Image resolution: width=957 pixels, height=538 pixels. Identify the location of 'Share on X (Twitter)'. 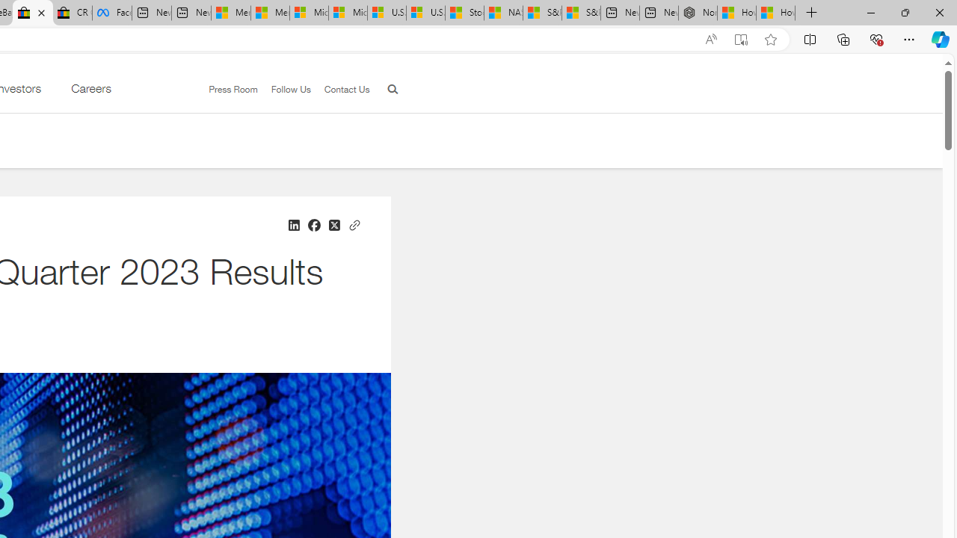
(333, 225).